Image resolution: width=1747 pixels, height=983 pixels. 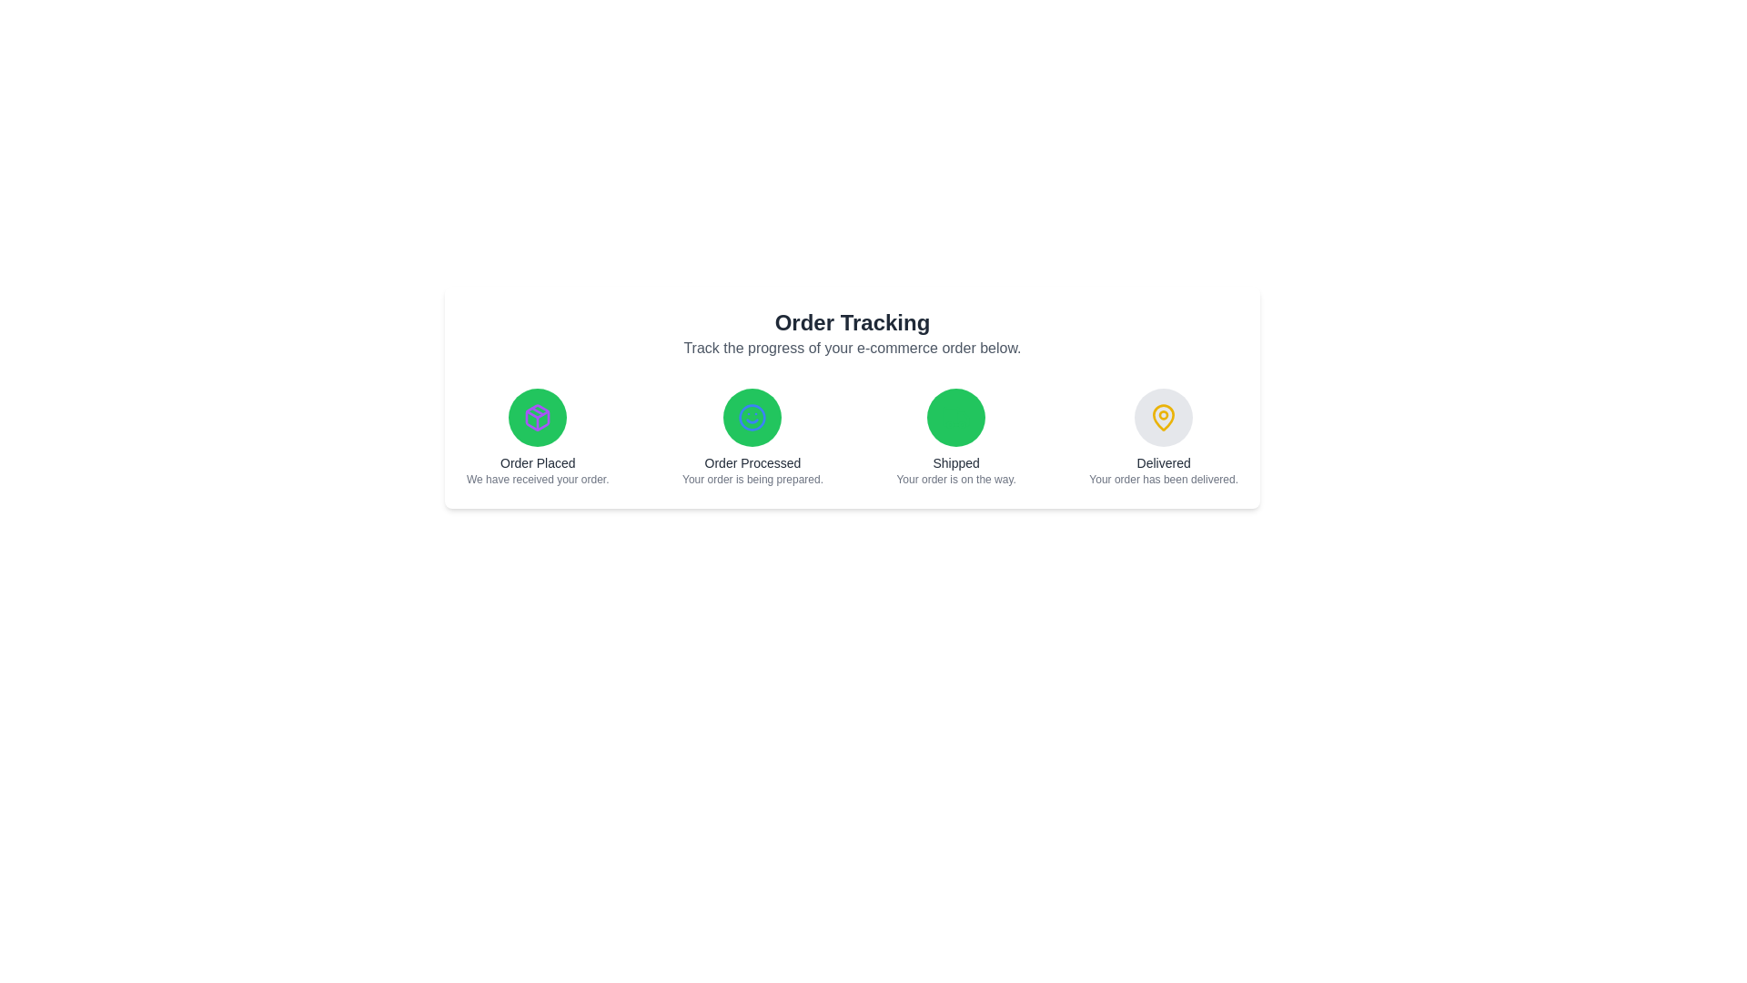 I want to click on the central circular SVG element representing the smile icon in the 'Order Processed' progress indicator, so click(x=752, y=418).